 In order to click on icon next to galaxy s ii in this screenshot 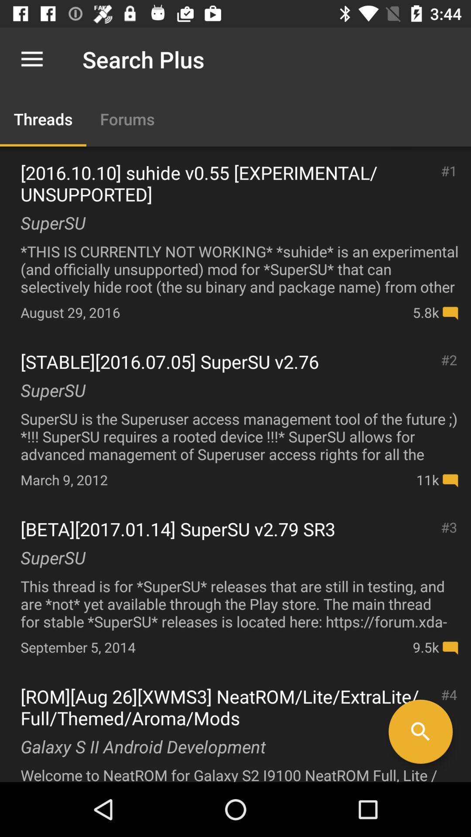, I will do `click(420, 732)`.